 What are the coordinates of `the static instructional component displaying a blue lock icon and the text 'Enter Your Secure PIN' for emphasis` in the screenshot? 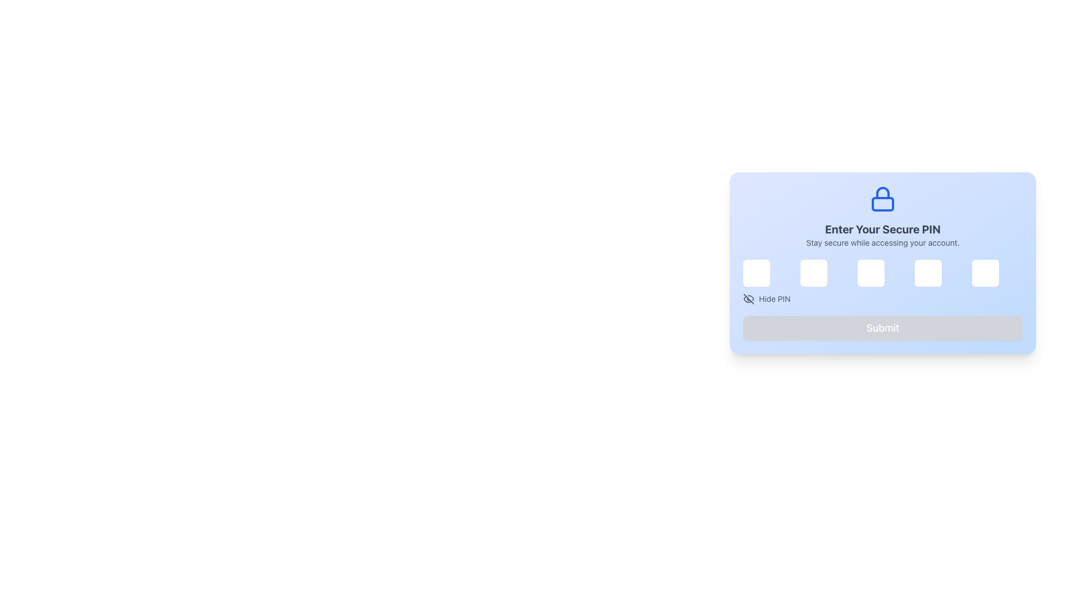 It's located at (882, 217).